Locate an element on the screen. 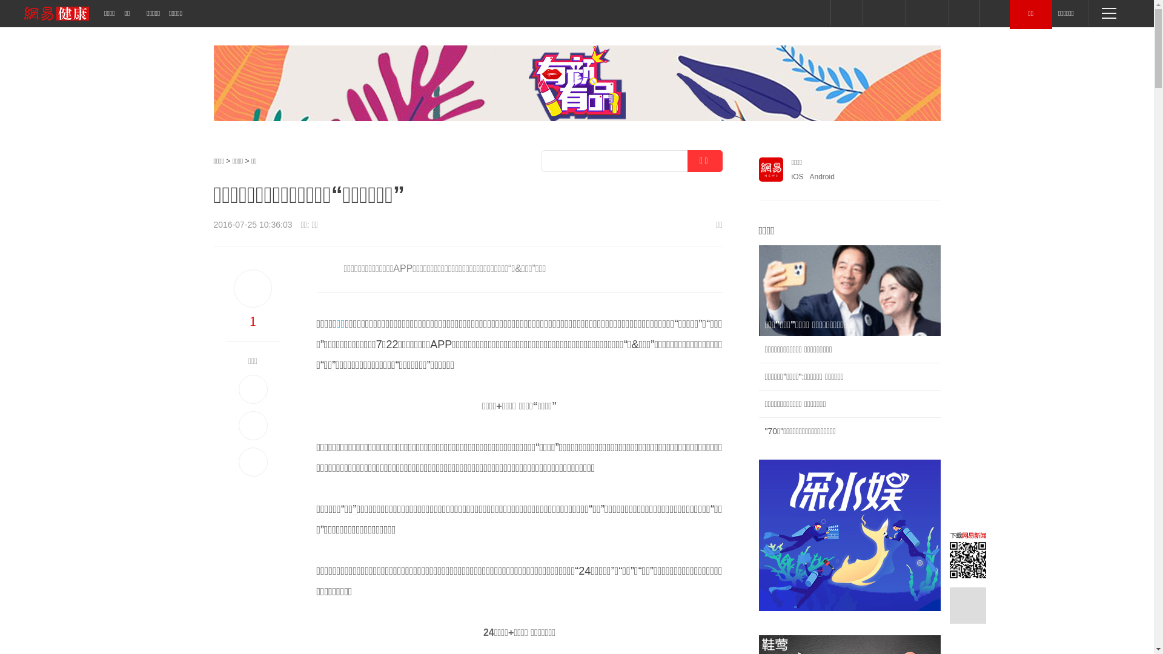 This screenshot has width=1163, height=654. '1' is located at coordinates (252, 320).